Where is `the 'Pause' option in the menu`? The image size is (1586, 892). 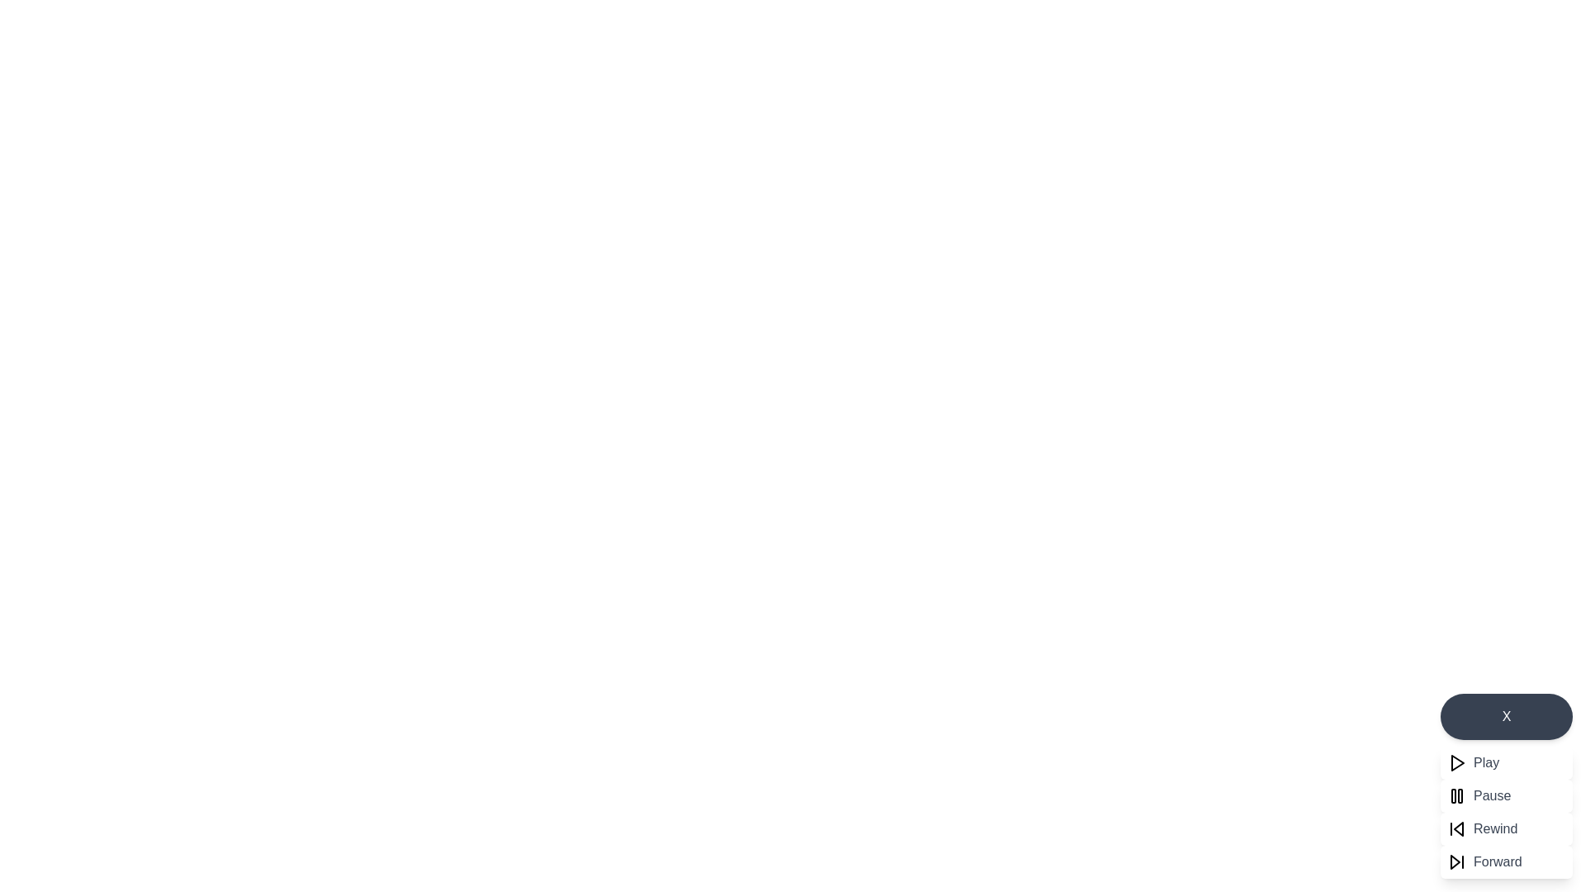
the 'Pause' option in the menu is located at coordinates (1491, 795).